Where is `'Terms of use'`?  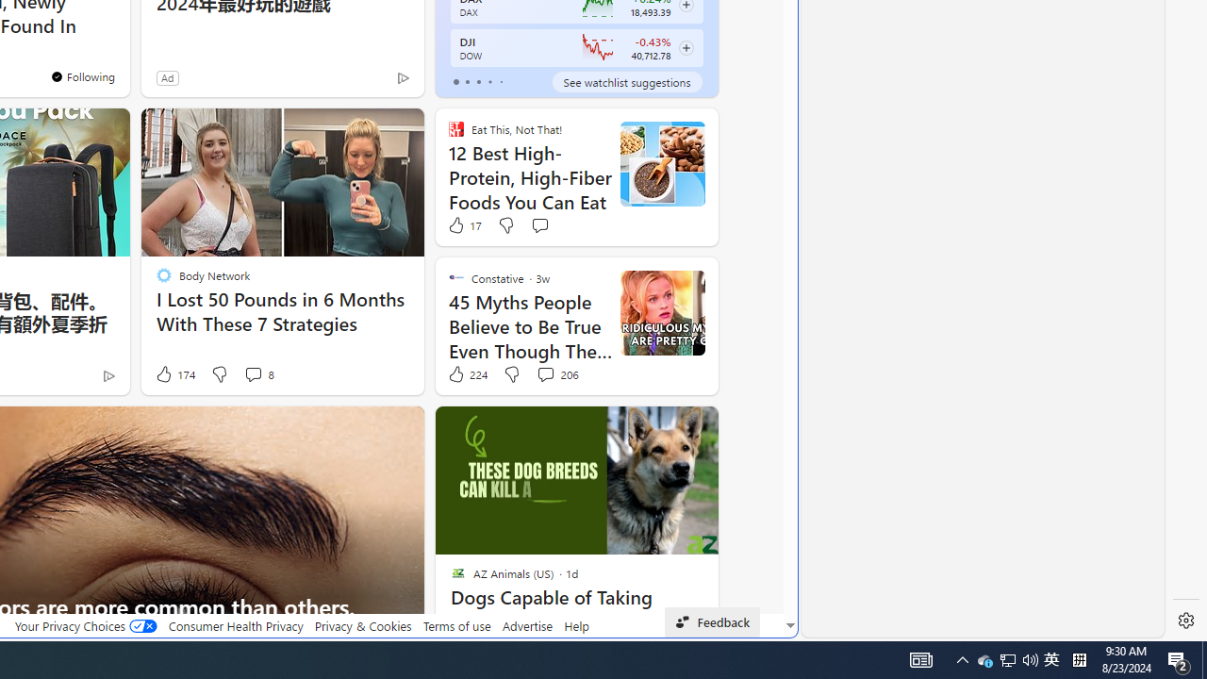 'Terms of use' is located at coordinates (456, 625).